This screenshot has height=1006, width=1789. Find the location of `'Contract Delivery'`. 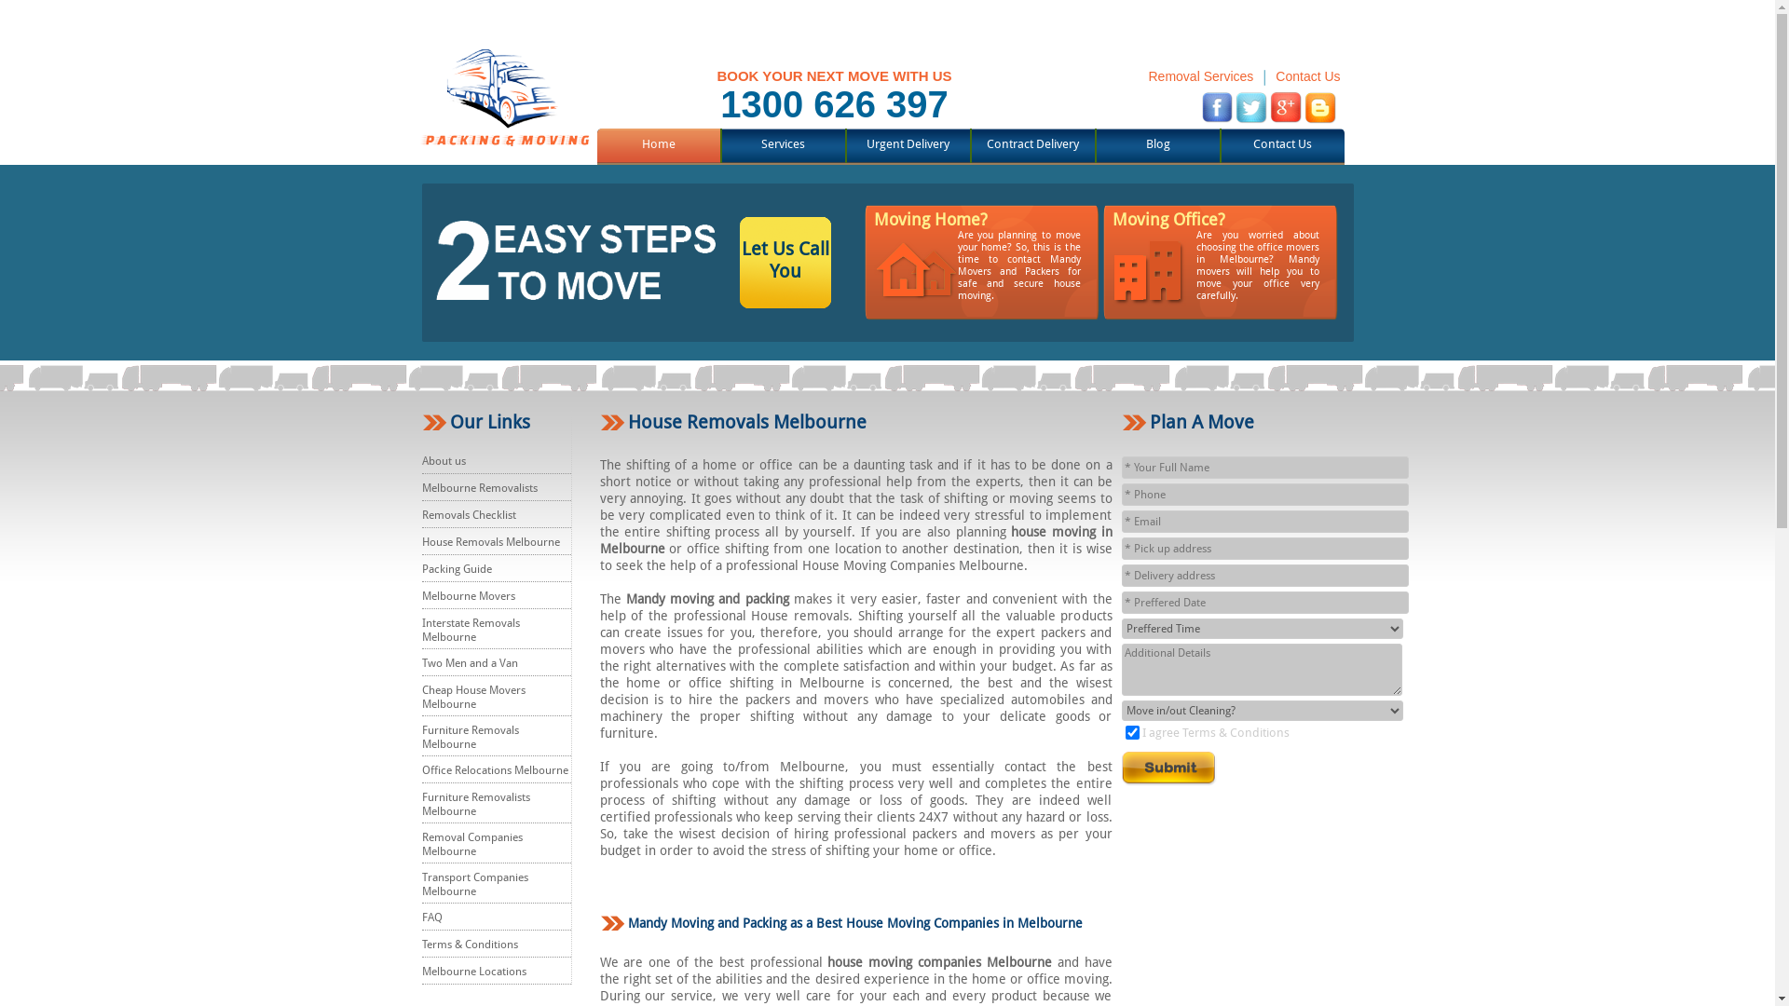

'Contract Delivery' is located at coordinates (1031, 143).